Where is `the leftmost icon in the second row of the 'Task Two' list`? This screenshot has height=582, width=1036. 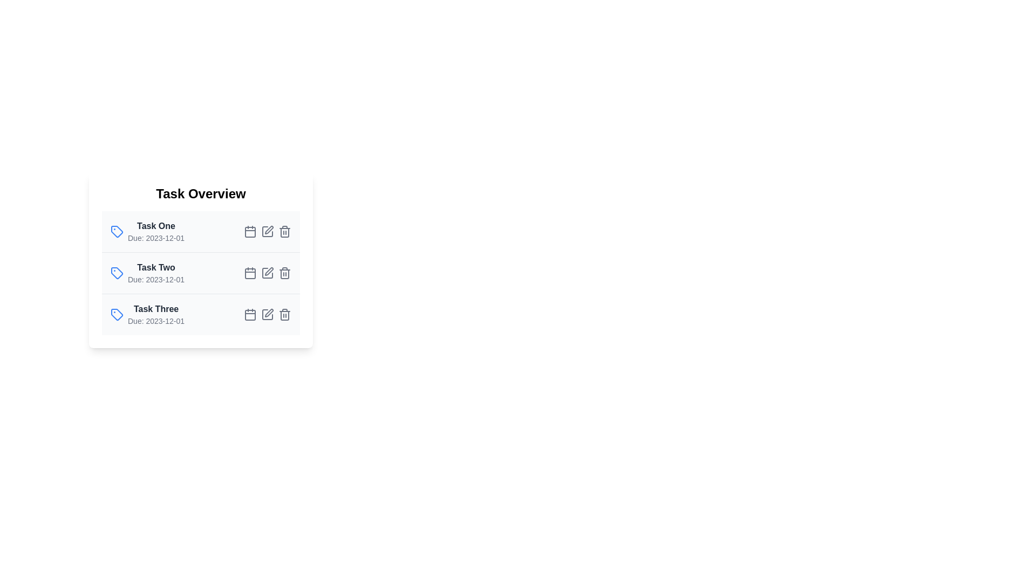 the leftmost icon in the second row of the 'Task Two' list is located at coordinates (117, 272).